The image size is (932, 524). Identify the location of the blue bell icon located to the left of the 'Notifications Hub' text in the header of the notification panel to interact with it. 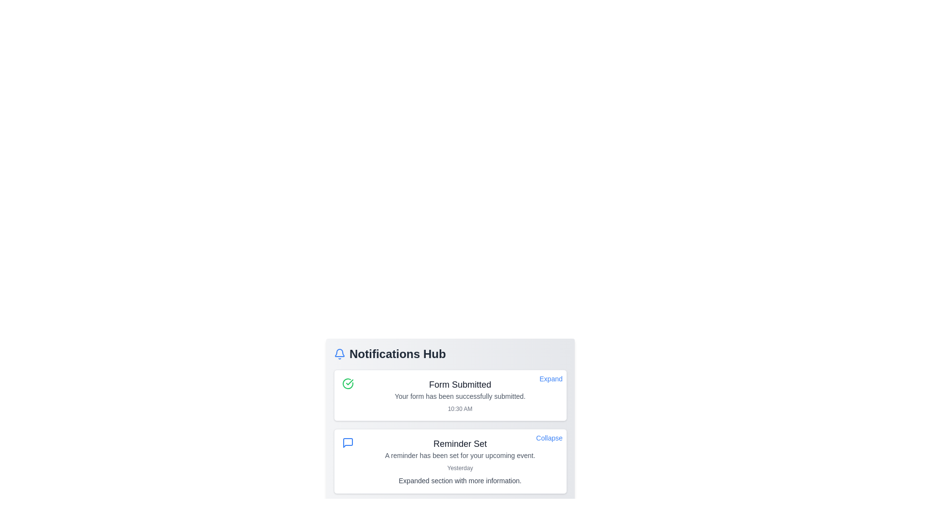
(340, 354).